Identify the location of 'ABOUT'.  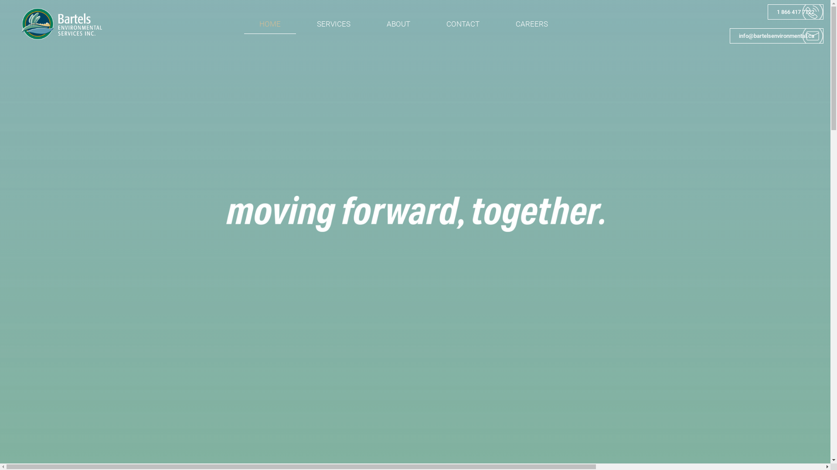
(398, 23).